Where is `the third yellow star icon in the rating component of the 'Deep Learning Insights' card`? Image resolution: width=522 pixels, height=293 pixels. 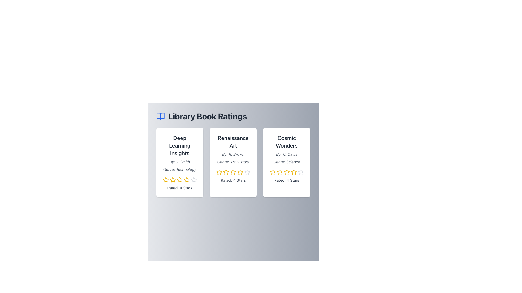
the third yellow star icon in the rating component of the 'Deep Learning Insights' card is located at coordinates (180, 180).